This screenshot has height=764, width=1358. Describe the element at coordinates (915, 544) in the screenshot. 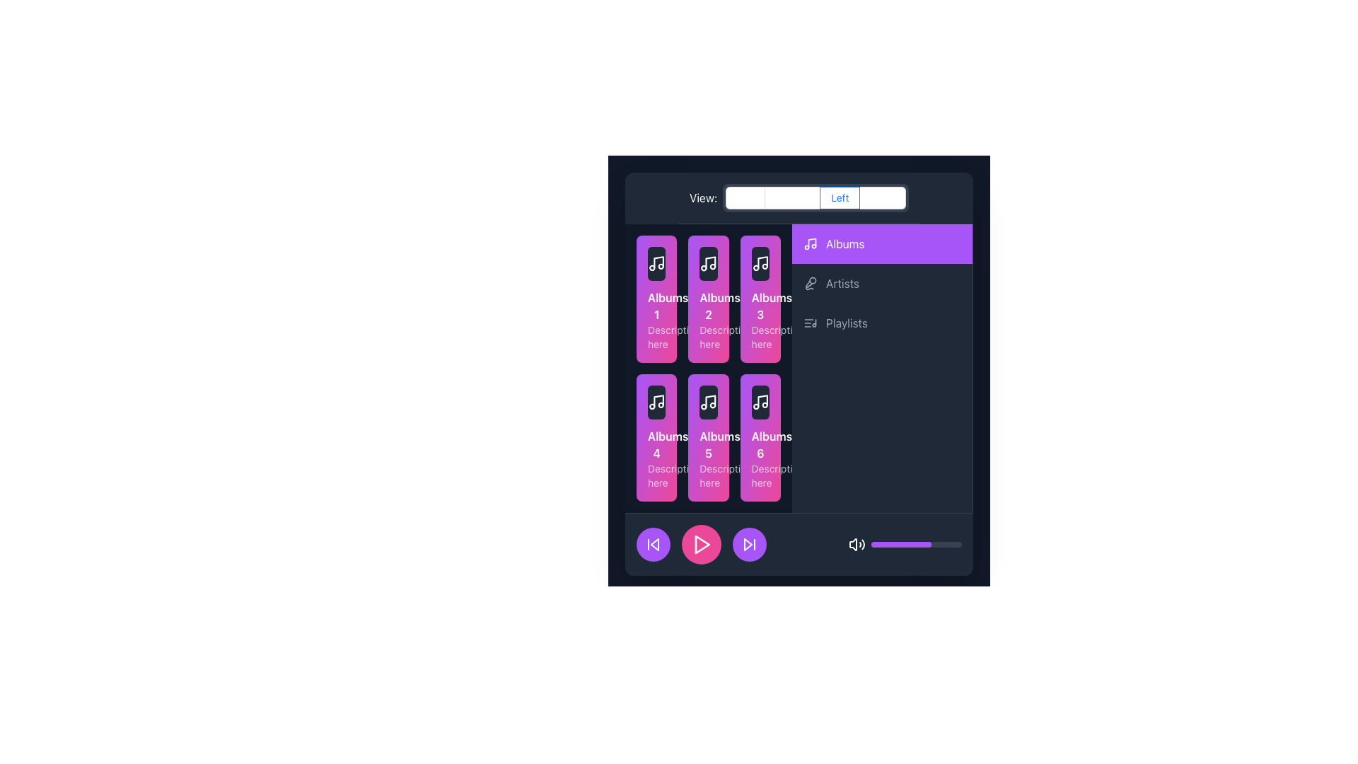

I see `the volume level` at that location.